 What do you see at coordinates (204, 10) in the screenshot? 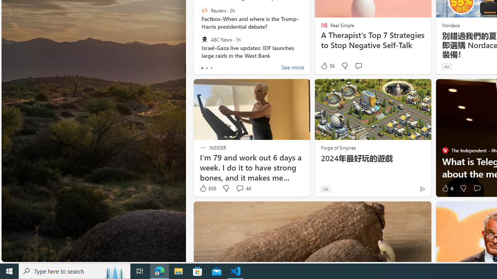
I see `'Reuters'` at bounding box center [204, 10].